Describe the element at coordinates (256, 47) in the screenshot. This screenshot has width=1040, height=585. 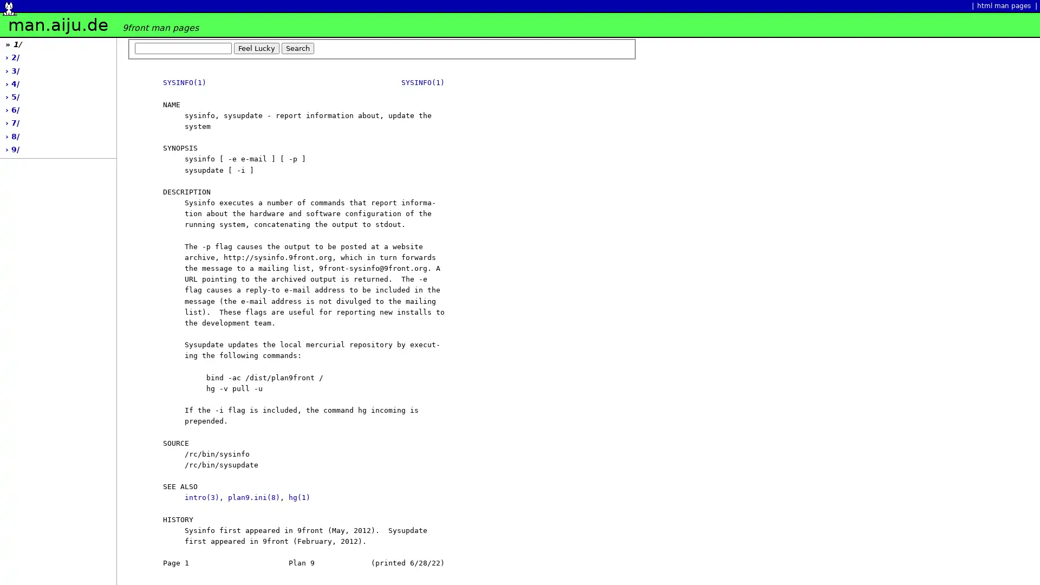
I see `Feel Lucky` at that location.